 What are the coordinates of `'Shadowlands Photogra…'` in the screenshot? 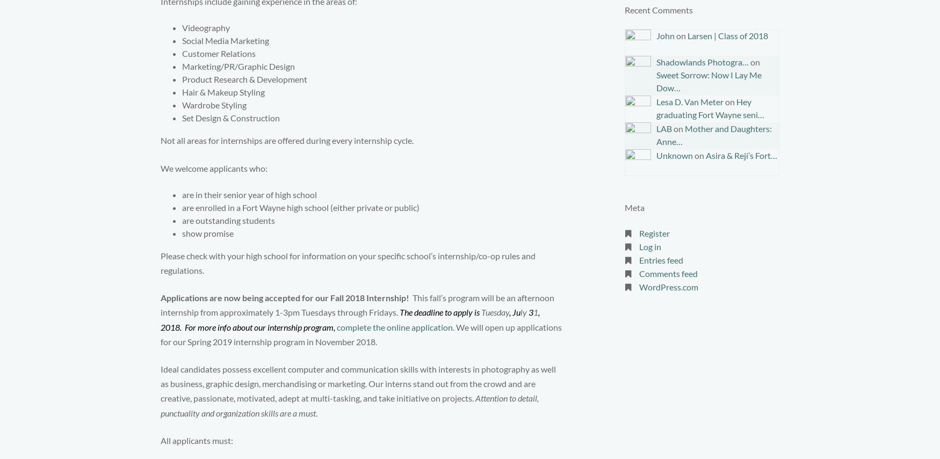 It's located at (702, 61).